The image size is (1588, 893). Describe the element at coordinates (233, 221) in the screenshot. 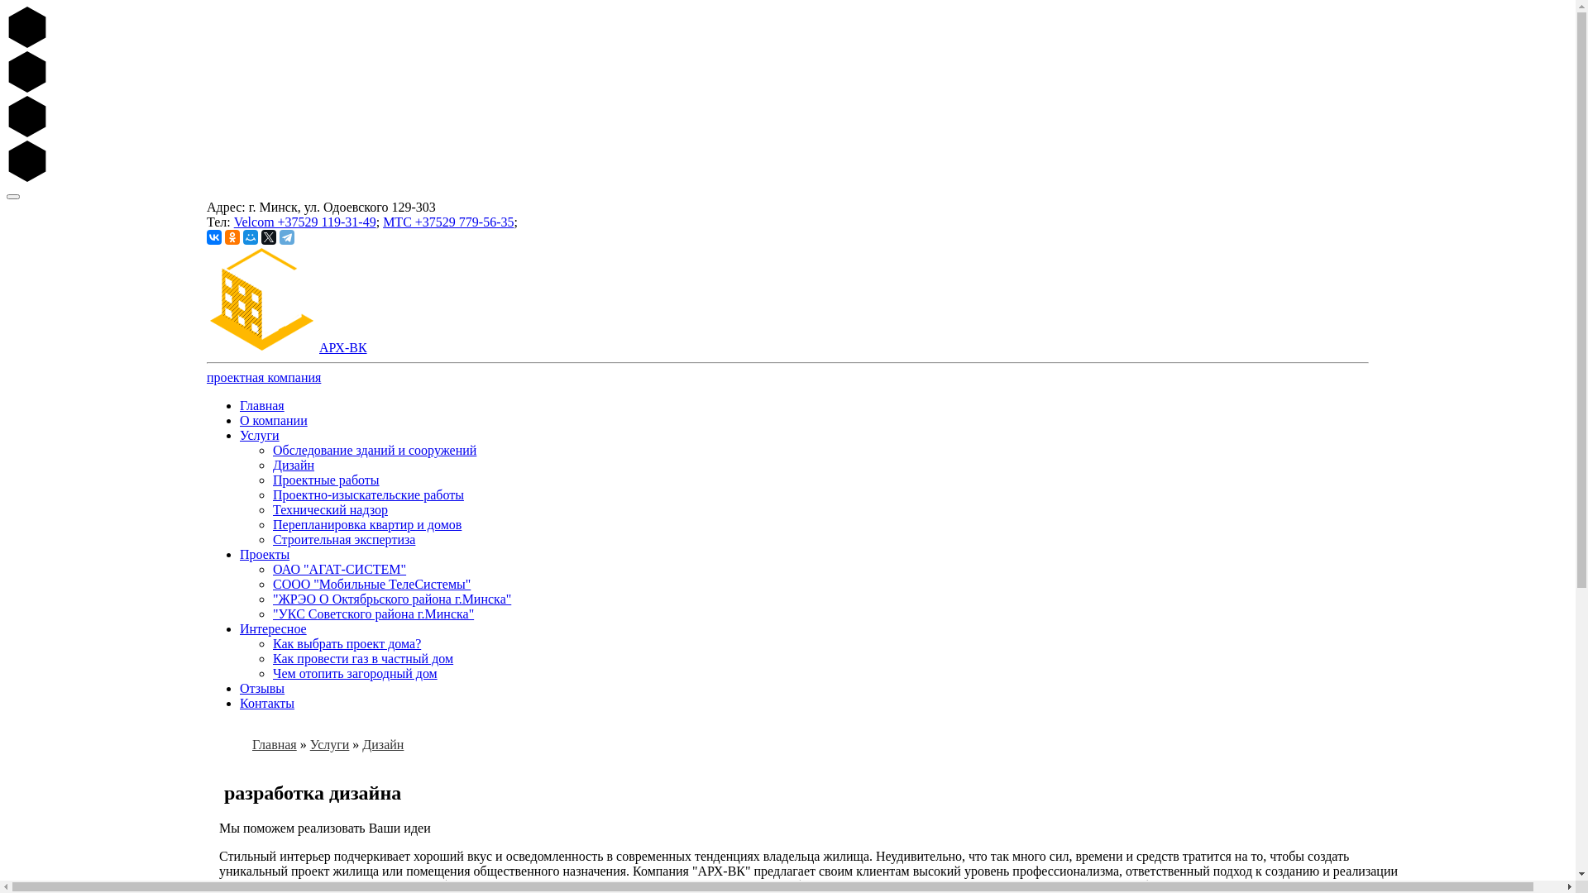

I see `'Velcom +37529 119-31-49'` at that location.